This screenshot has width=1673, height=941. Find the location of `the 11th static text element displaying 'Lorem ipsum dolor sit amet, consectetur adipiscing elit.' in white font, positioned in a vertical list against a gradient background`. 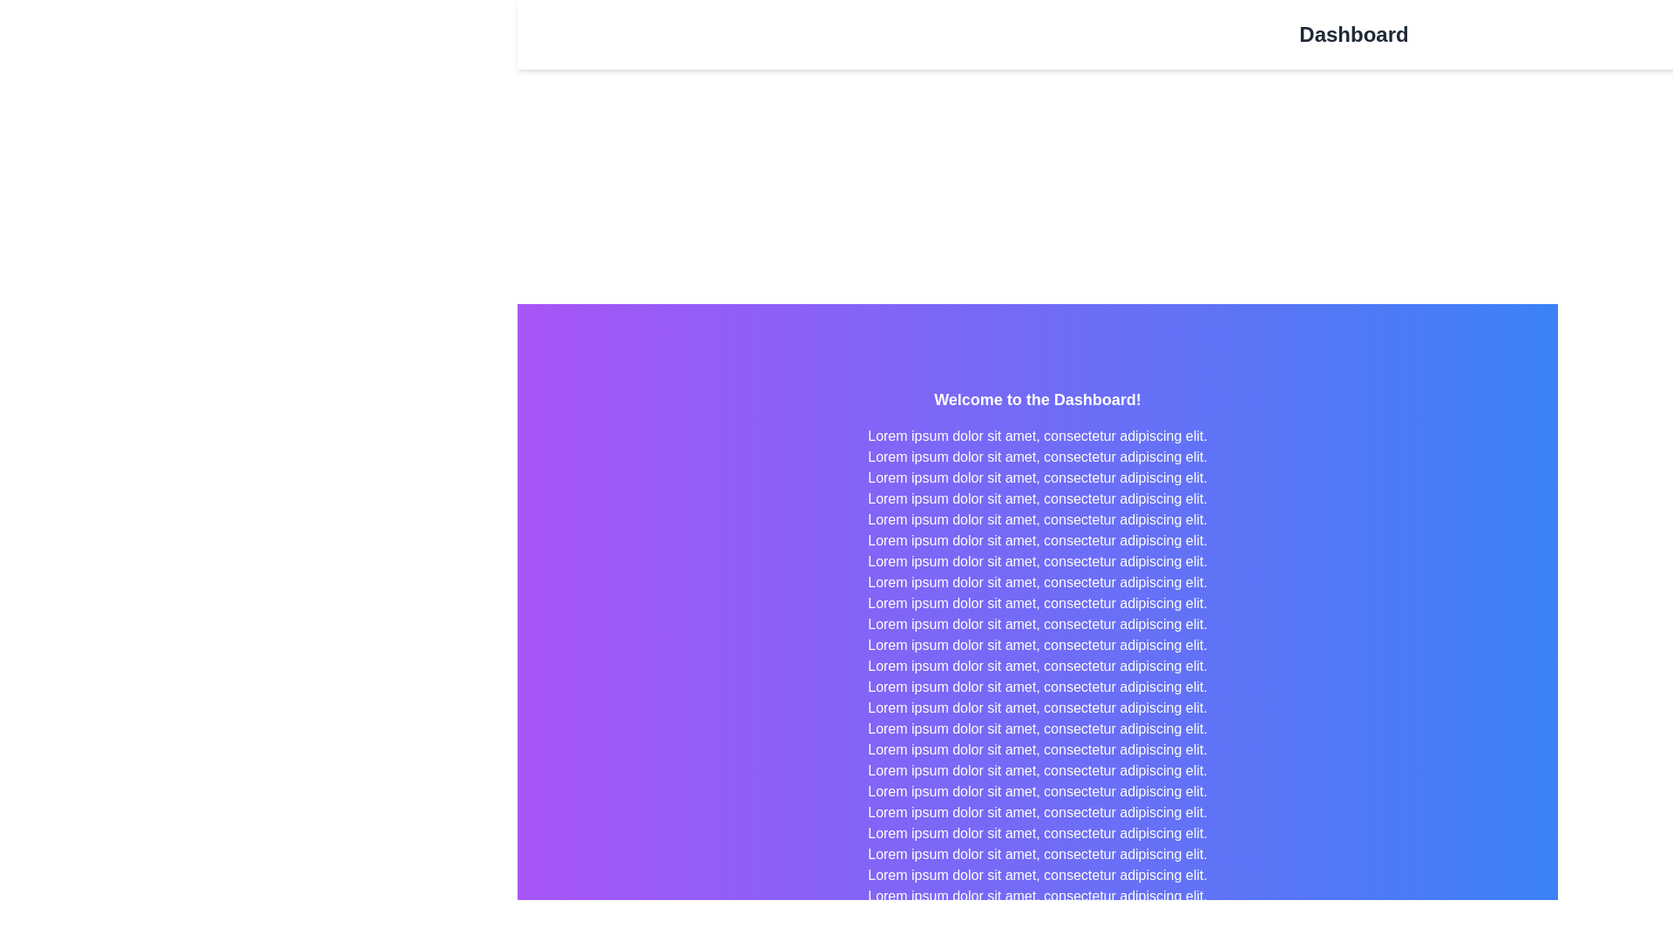

the 11th static text element displaying 'Lorem ipsum dolor sit amet, consectetur adipiscing elit.' in white font, positioned in a vertical list against a gradient background is located at coordinates (1037, 624).